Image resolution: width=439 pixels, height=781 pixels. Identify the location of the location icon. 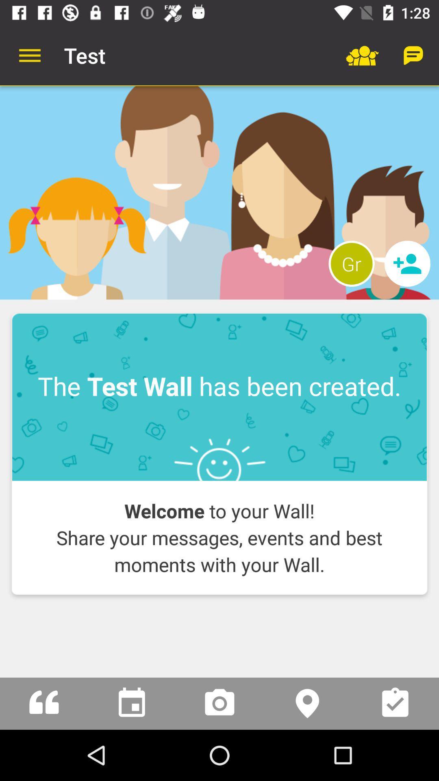
(307, 703).